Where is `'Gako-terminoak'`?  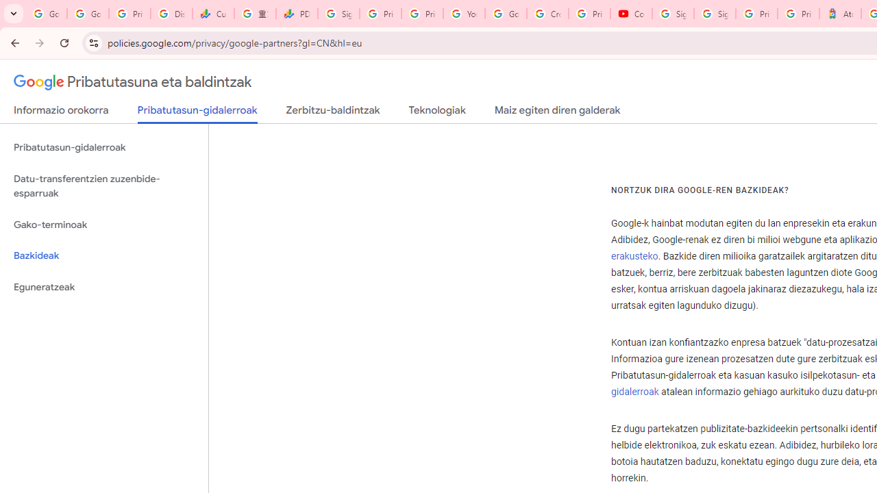 'Gako-terminoak' is located at coordinates (103, 224).